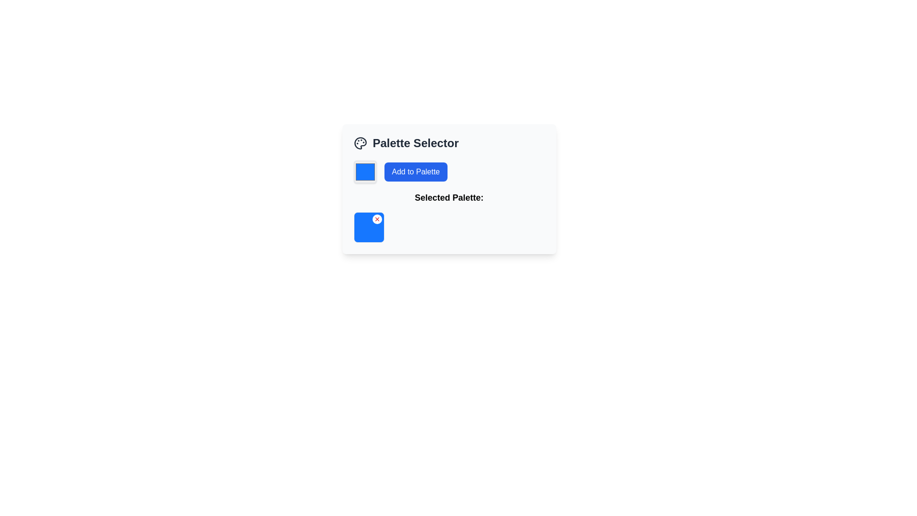 The image size is (917, 516). What do you see at coordinates (376, 219) in the screenshot?
I see `the remove icon located at the top-right corner of the blue square in the 'Selected Palette' area` at bounding box center [376, 219].